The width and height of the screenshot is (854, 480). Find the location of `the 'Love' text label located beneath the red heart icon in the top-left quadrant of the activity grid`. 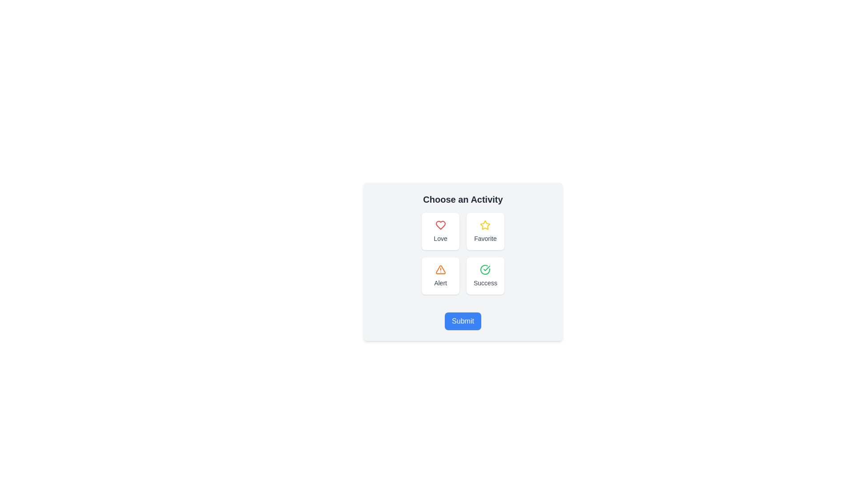

the 'Love' text label located beneath the red heart icon in the top-left quadrant of the activity grid is located at coordinates (440, 238).